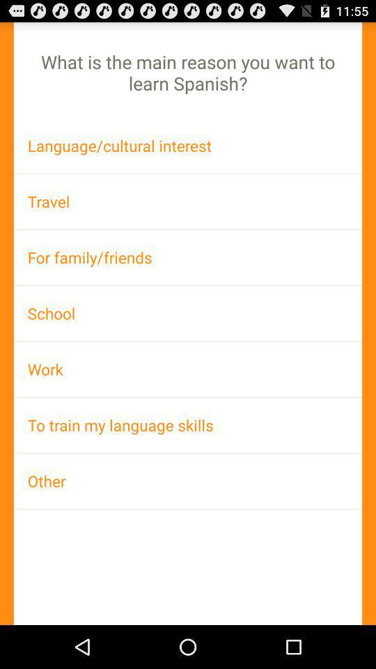 This screenshot has width=376, height=669. What do you see at coordinates (188, 368) in the screenshot?
I see `the work app` at bounding box center [188, 368].